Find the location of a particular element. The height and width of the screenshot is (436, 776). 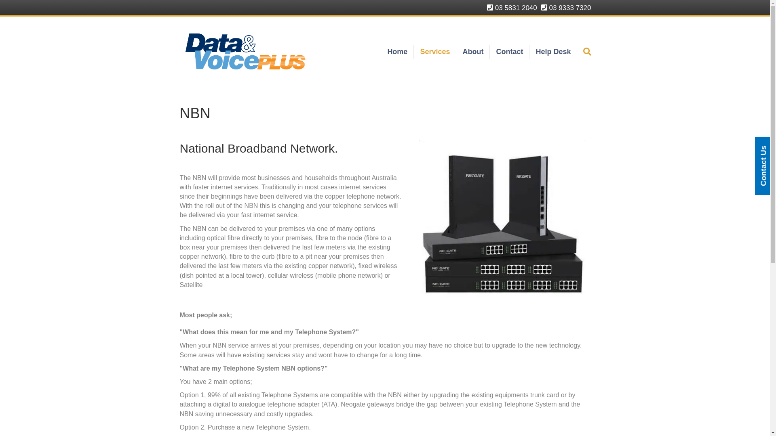

'Services' is located at coordinates (434, 52).